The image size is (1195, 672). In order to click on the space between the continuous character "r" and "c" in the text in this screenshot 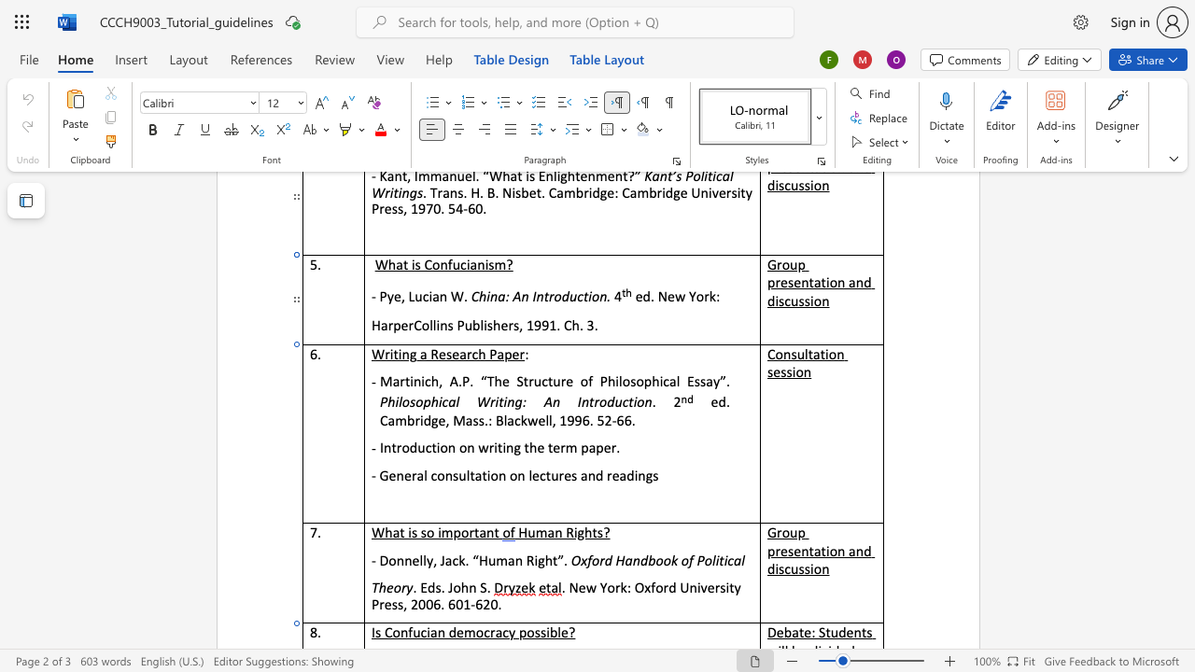, I will do `click(471, 354)`.